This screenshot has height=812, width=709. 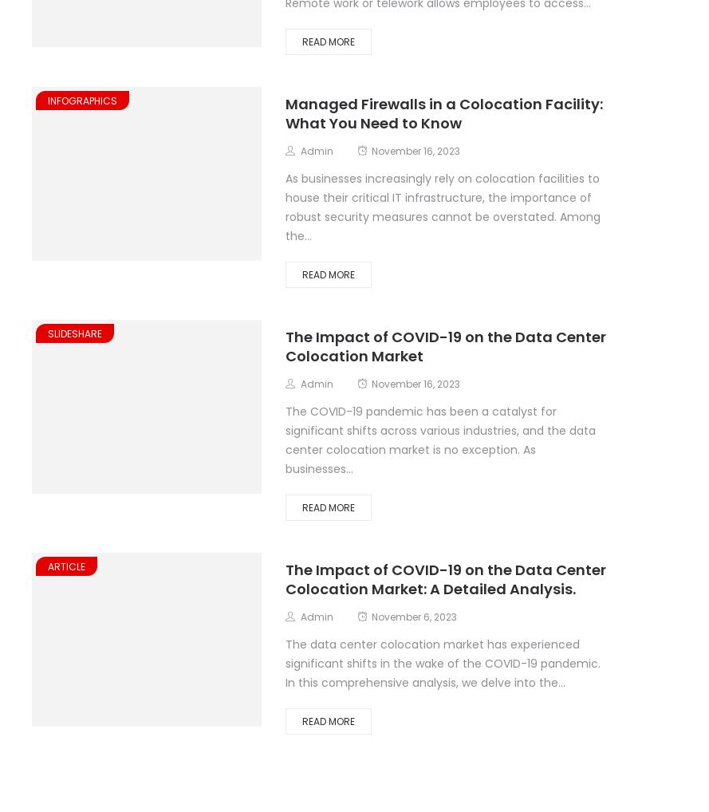 What do you see at coordinates (48, 566) in the screenshot?
I see `'Article'` at bounding box center [48, 566].